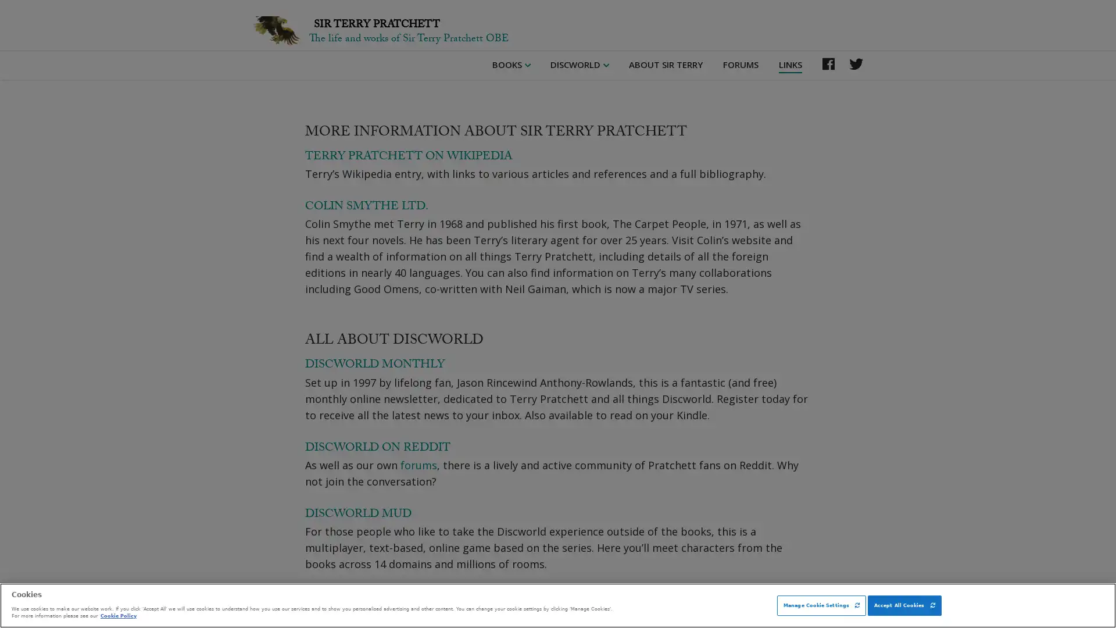  What do you see at coordinates (821, 605) in the screenshot?
I see `Manage Cookie Settings` at bounding box center [821, 605].